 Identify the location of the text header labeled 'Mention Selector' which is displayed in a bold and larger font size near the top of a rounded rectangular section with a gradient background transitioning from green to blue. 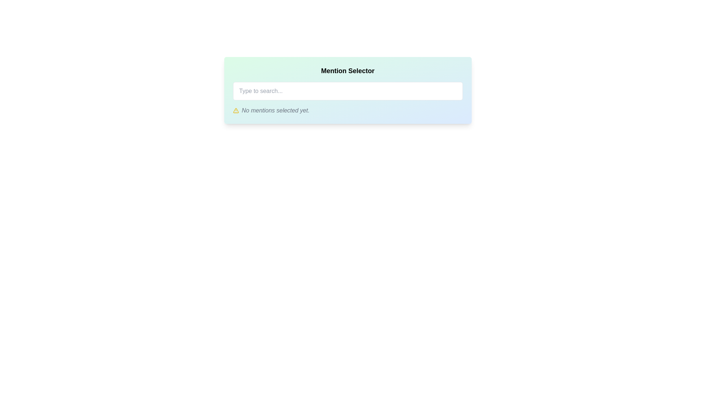
(347, 71).